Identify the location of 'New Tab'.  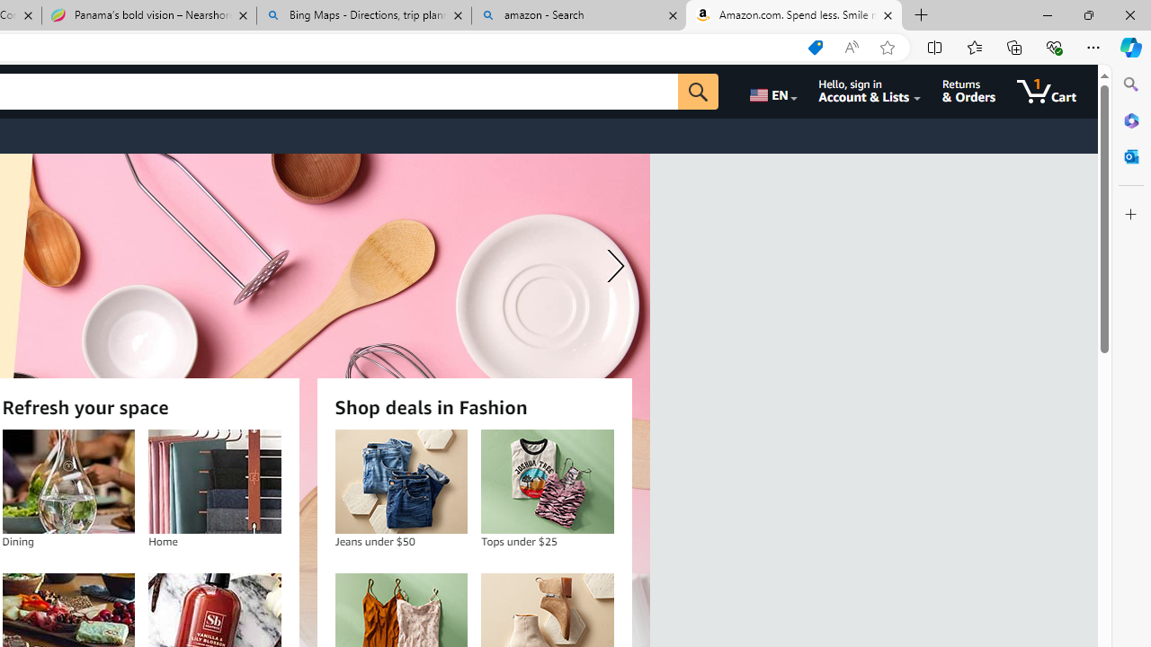
(922, 15).